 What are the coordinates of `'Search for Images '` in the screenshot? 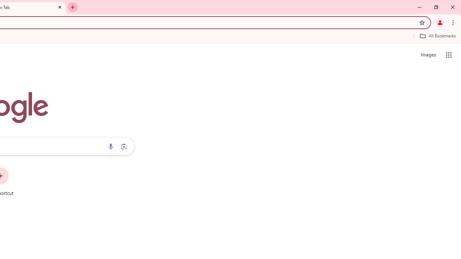 It's located at (428, 55).